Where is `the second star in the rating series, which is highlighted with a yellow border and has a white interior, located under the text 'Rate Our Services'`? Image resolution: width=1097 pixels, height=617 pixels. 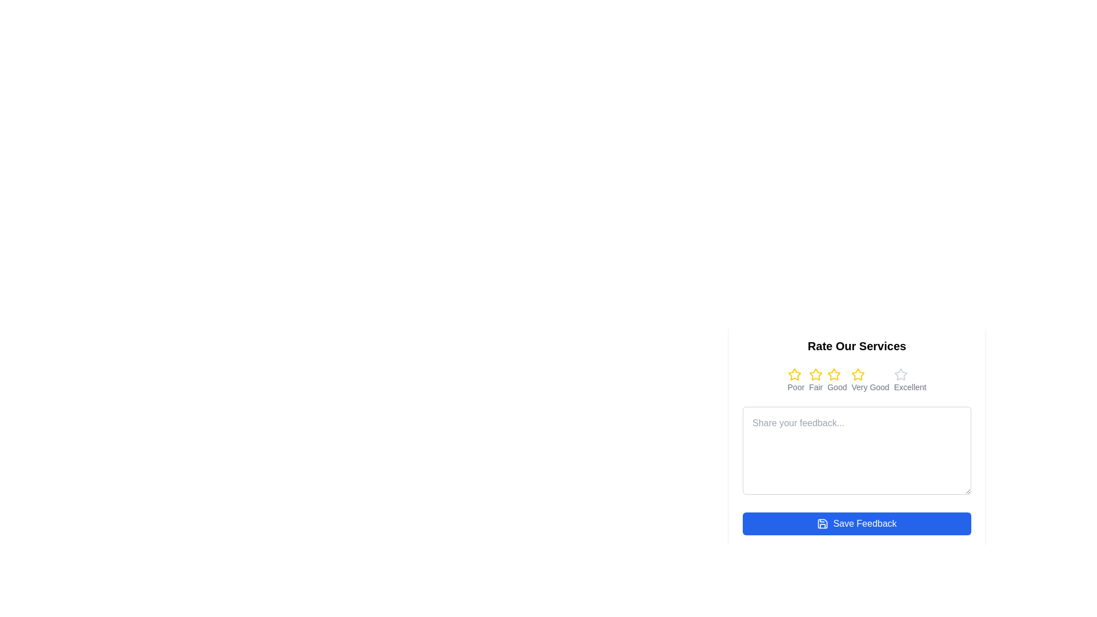 the second star in the rating series, which is highlighted with a yellow border and has a white interior, located under the text 'Rate Our Services' is located at coordinates (815, 374).